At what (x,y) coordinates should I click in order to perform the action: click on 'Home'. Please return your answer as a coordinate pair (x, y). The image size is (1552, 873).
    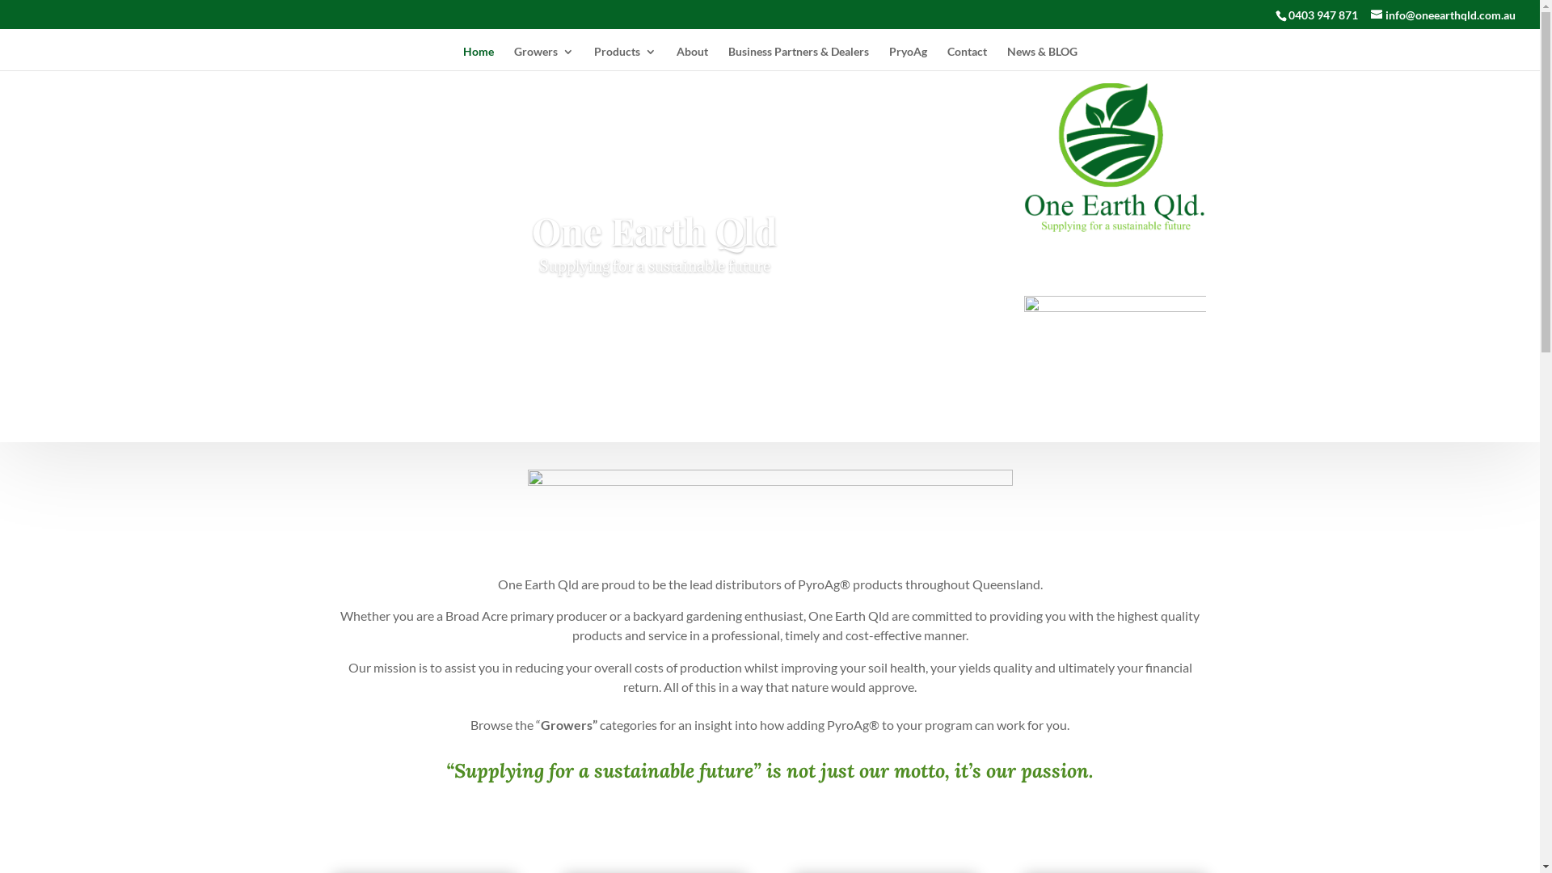
    Looking at the image, I should click on (476, 57).